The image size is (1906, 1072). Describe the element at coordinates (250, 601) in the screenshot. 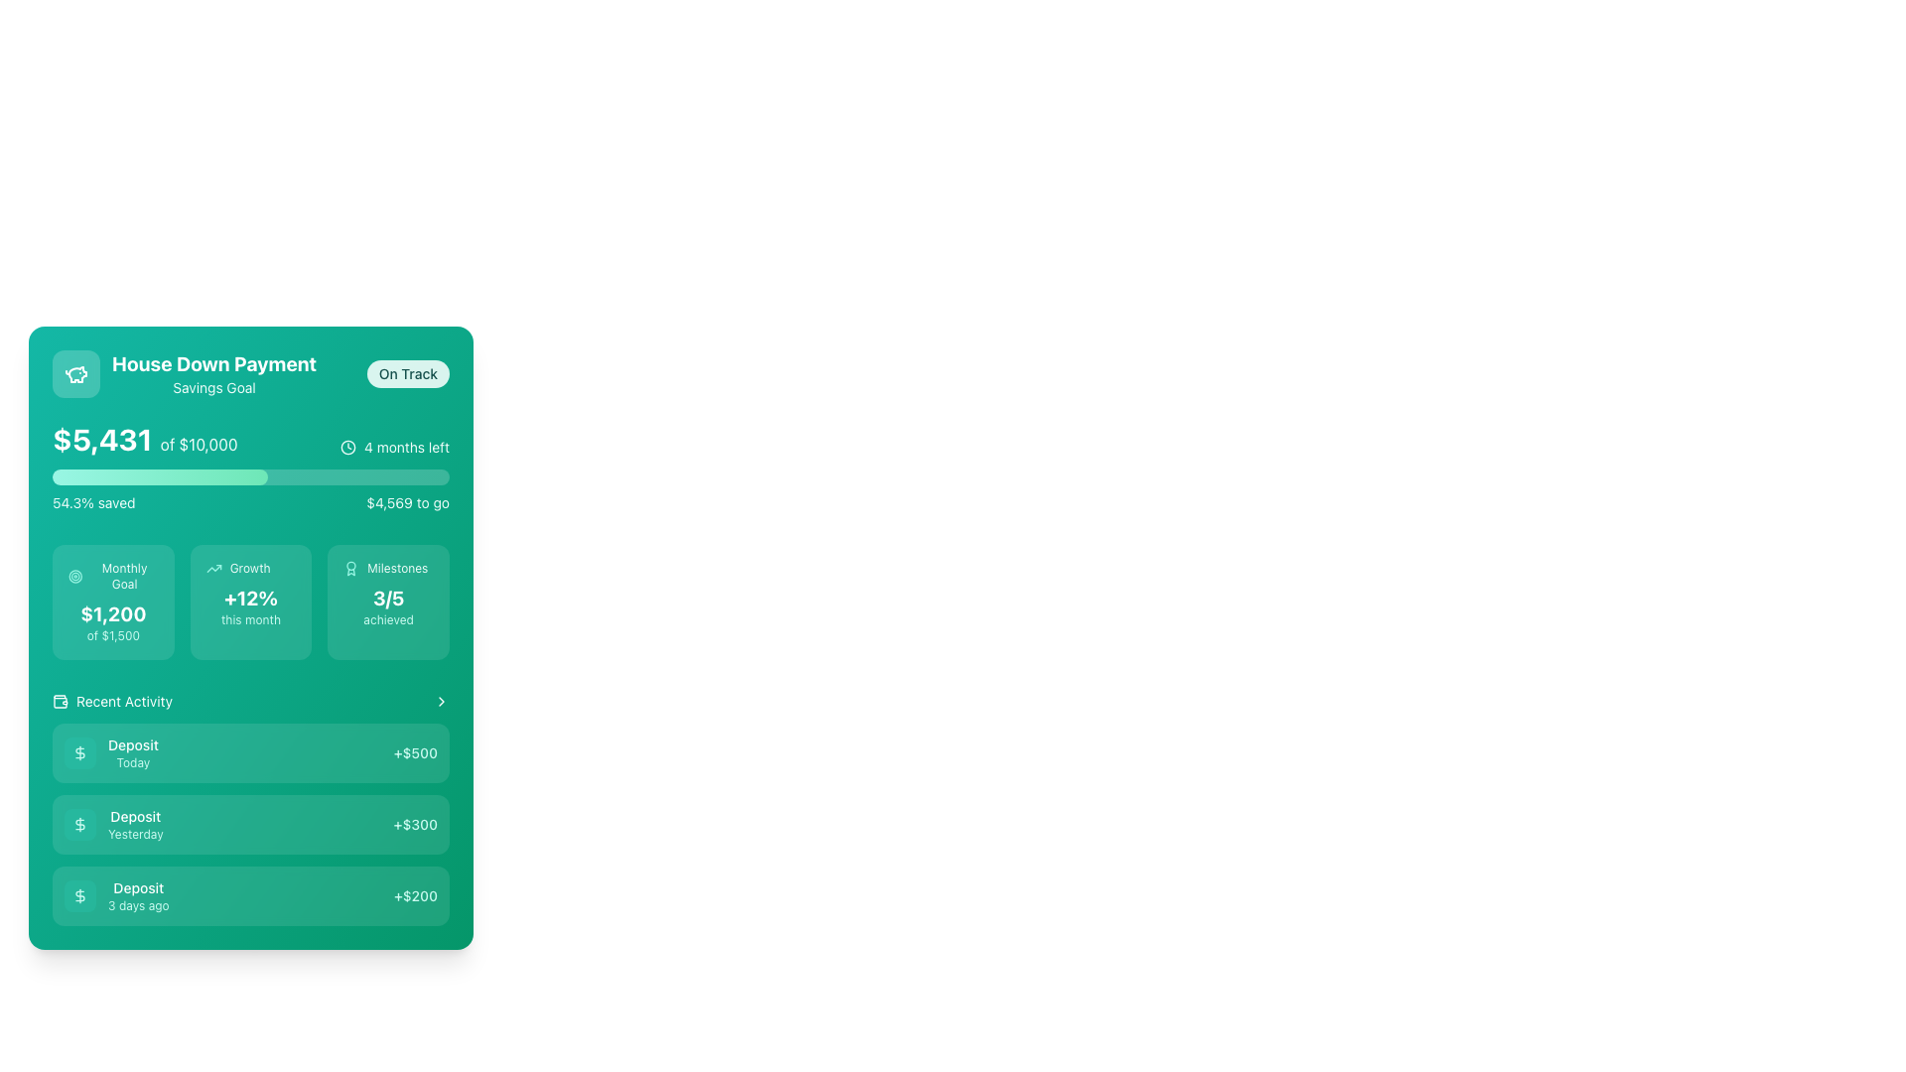

I see `the Information Card, which displays the monthly growth summary and is positioned second in a row of three cards, between the 'Monthly Goal' card on the left and the 'Milestones' card on the right` at that location.